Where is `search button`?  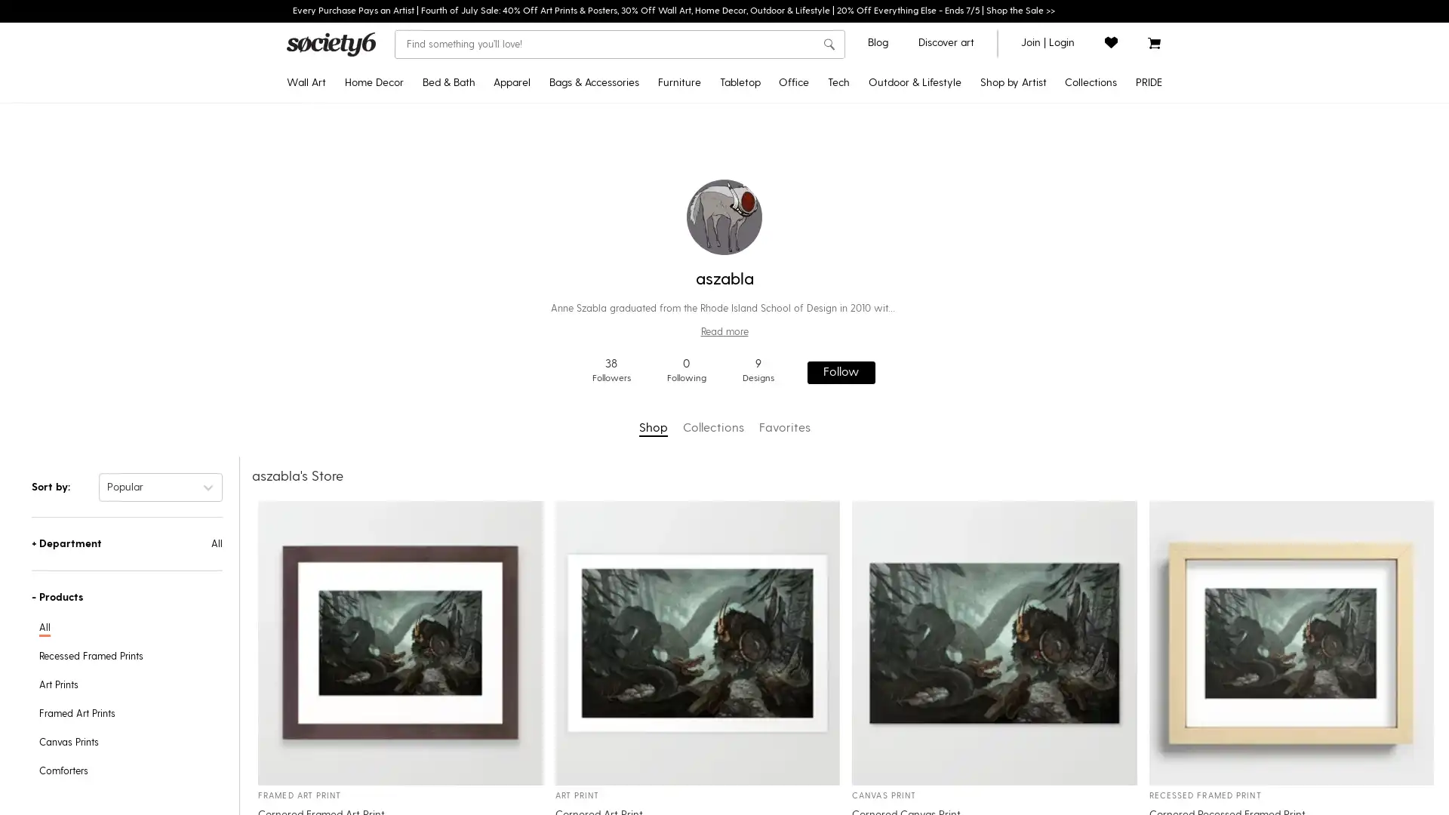
search button is located at coordinates (828, 45).